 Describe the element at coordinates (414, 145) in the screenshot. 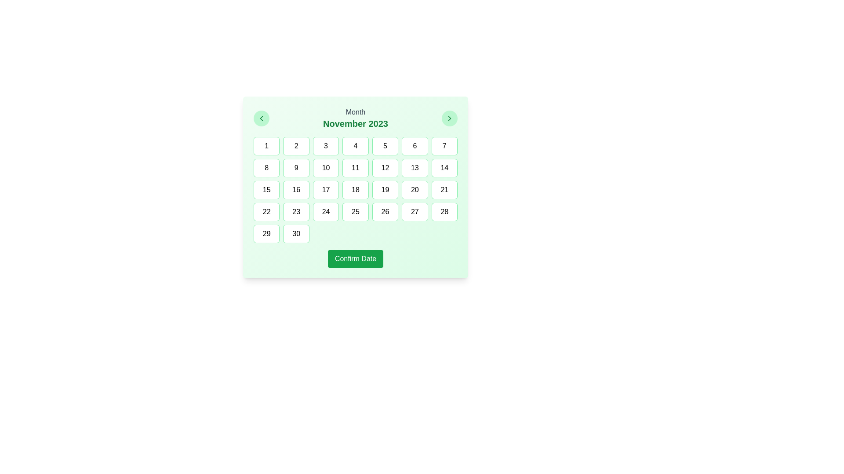

I see `the button labeled '6' in the calendar interface` at that location.